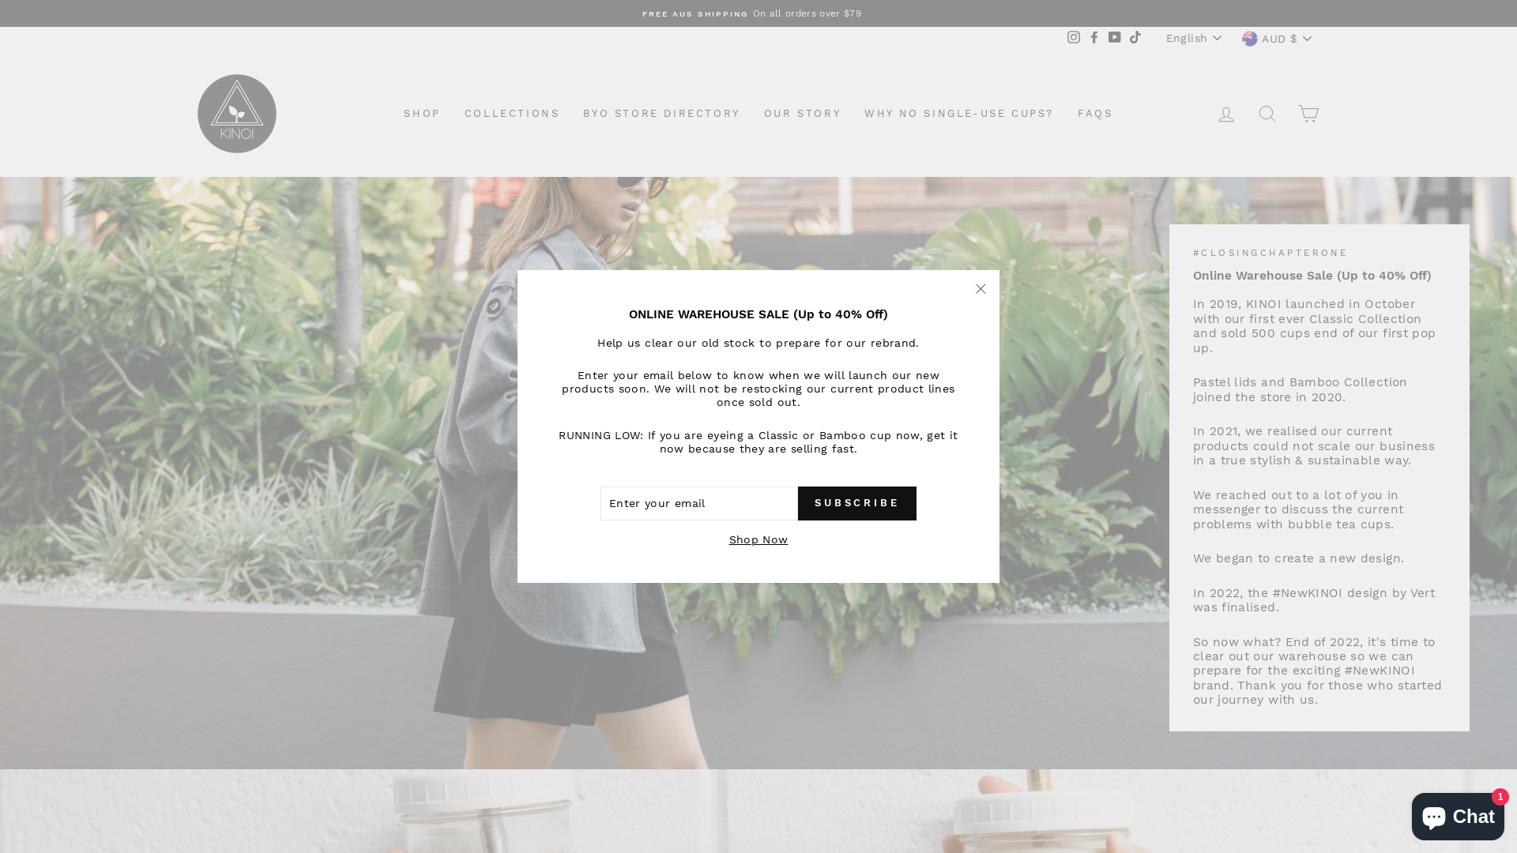 Image resolution: width=1517 pixels, height=853 pixels. Describe the element at coordinates (852, 113) in the screenshot. I see `'WHY NO SINGLE-USE CUPS?'` at that location.